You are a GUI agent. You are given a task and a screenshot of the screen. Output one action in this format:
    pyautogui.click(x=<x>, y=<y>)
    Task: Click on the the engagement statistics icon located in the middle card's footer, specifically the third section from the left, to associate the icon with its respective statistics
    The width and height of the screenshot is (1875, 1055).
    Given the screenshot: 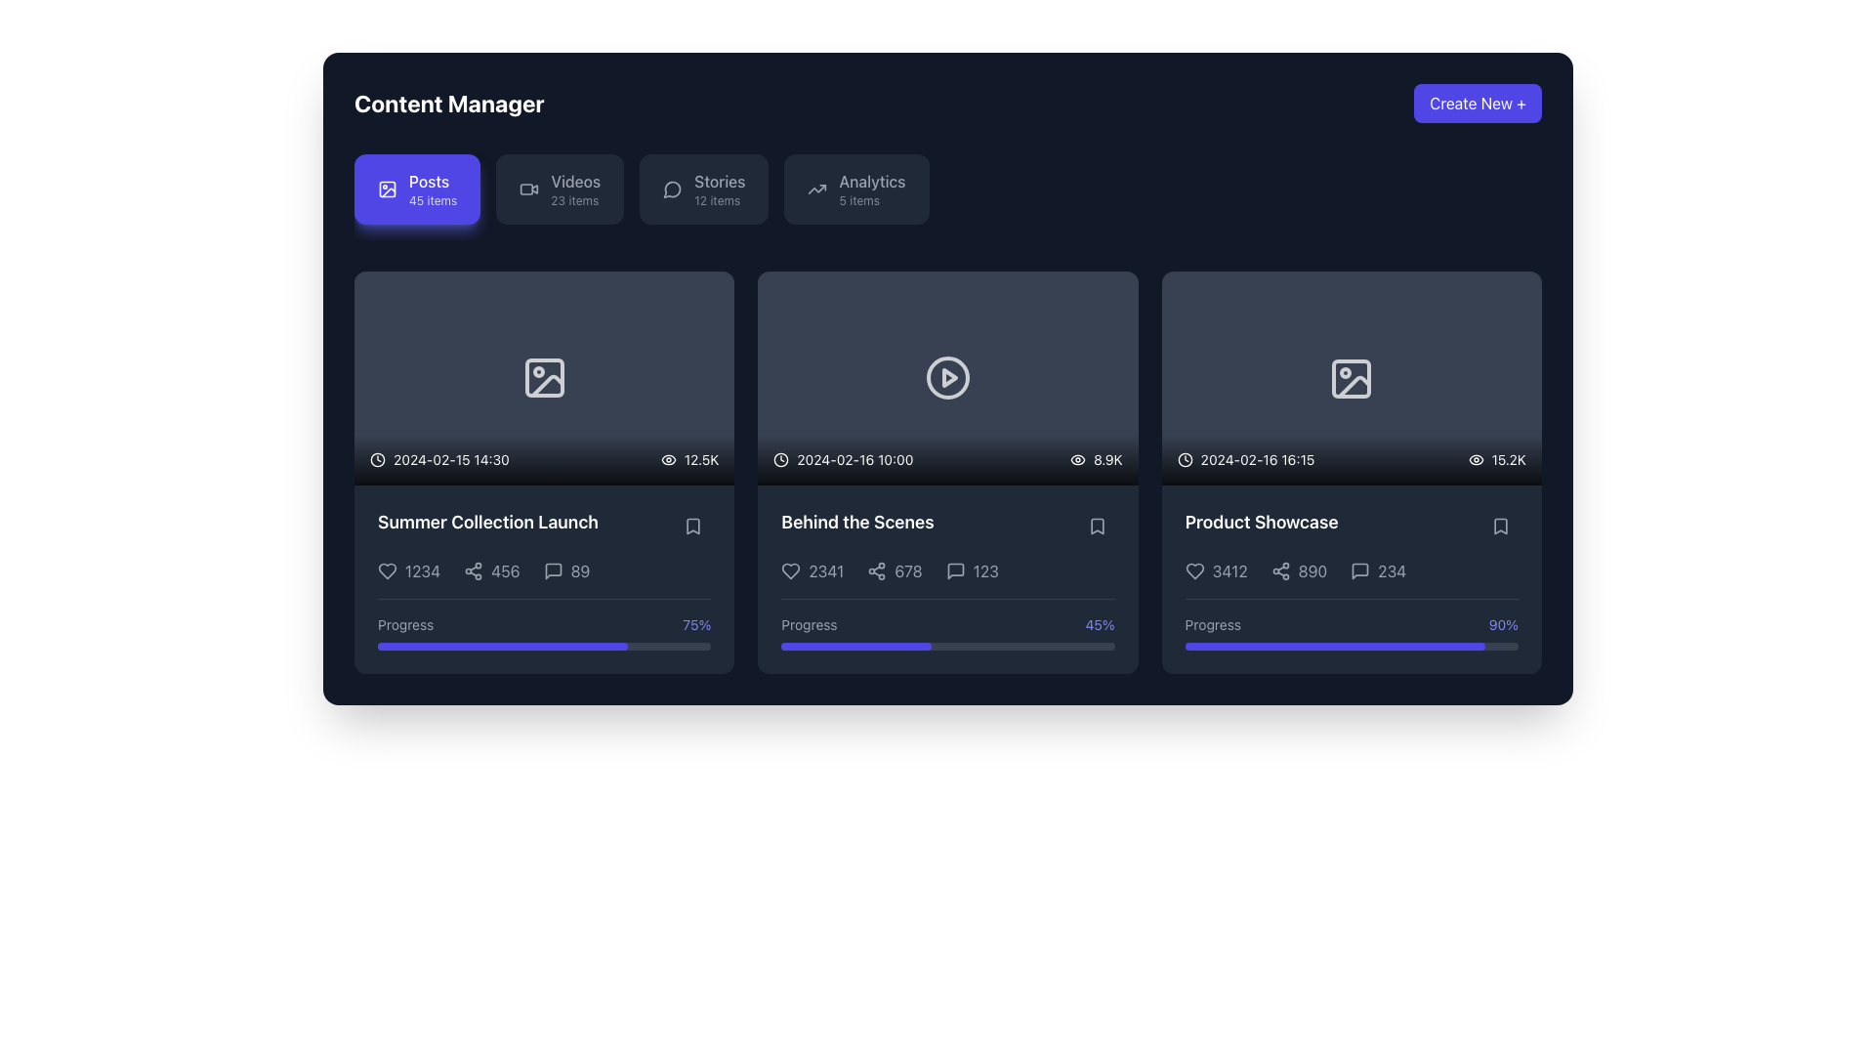 What is the action you would take?
    pyautogui.click(x=947, y=570)
    